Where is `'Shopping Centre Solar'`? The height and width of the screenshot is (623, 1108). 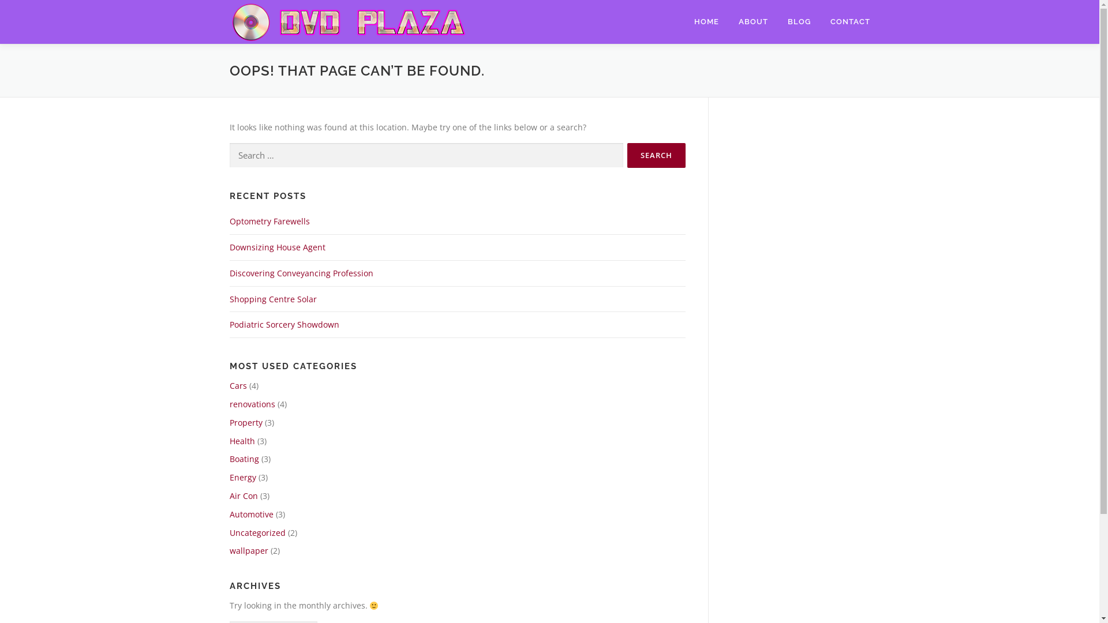
'Shopping Centre Solar' is located at coordinates (230, 298).